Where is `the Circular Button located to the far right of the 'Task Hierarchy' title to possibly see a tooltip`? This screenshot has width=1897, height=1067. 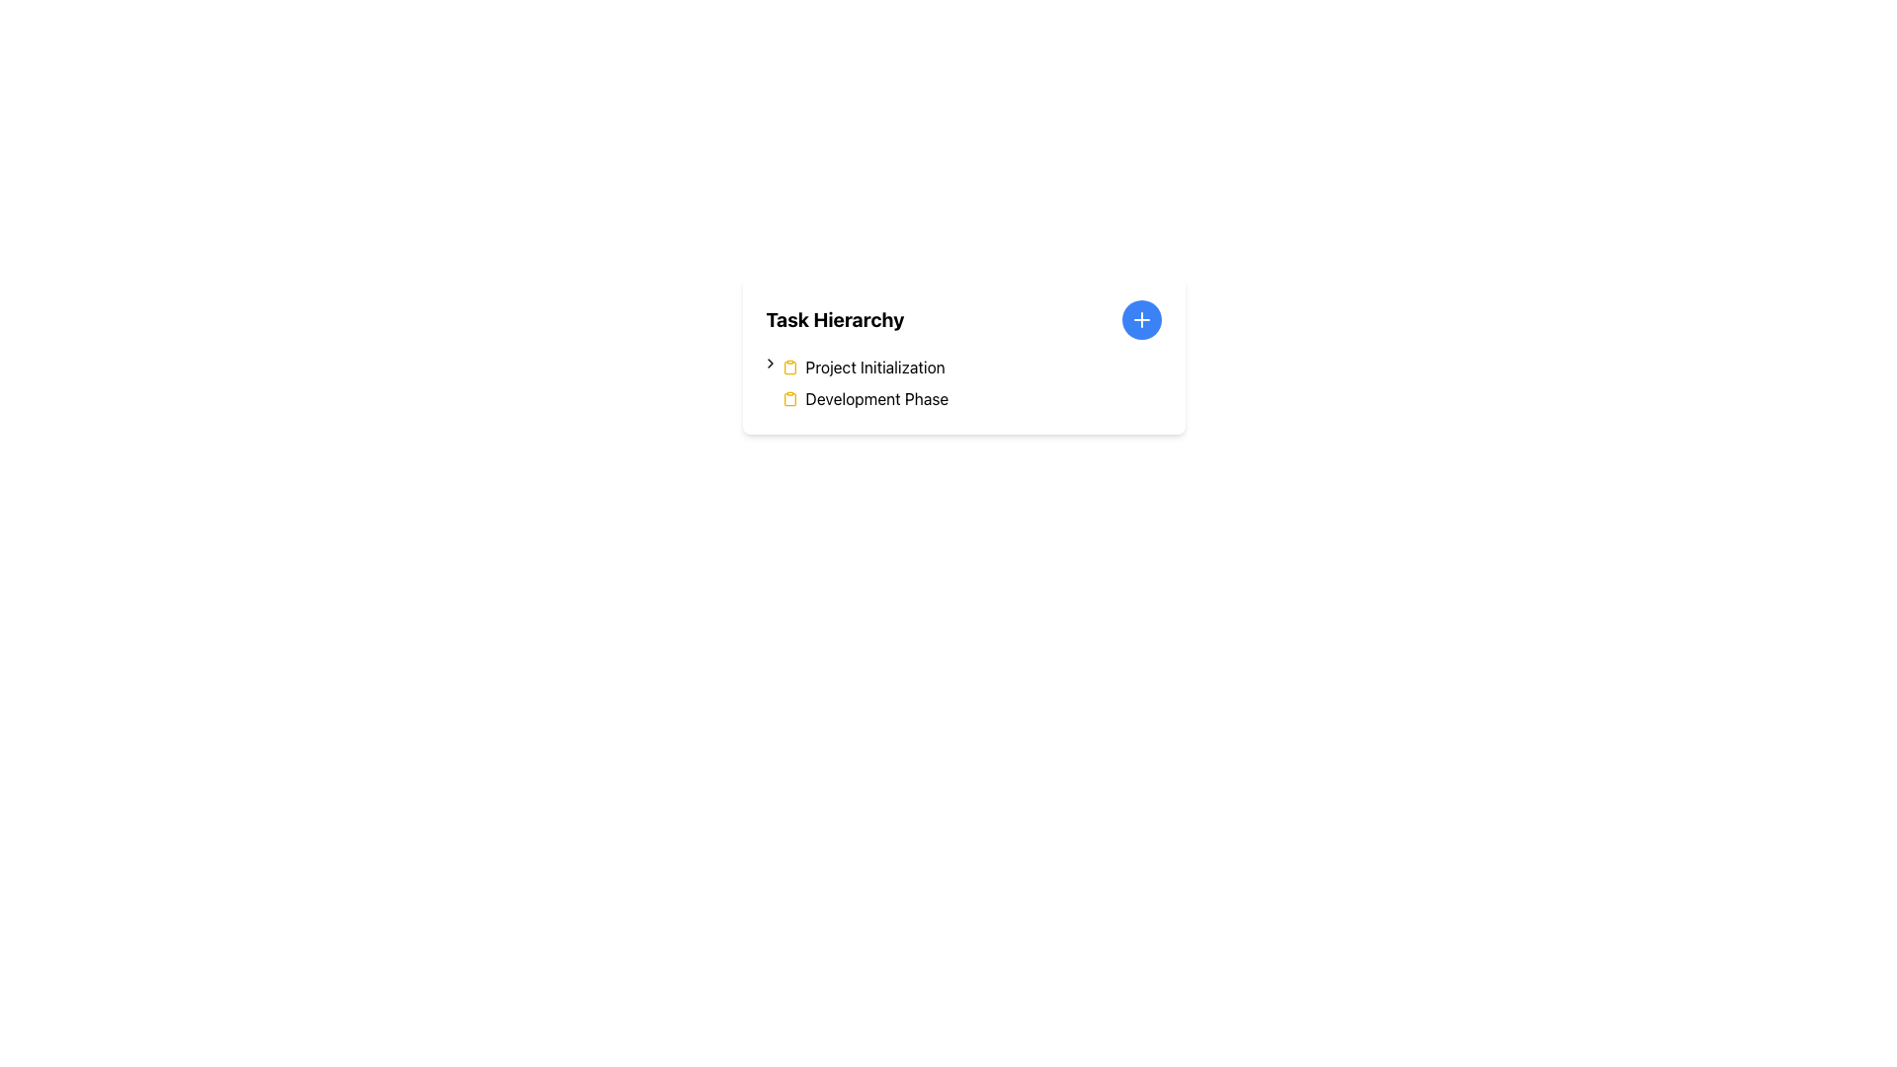
the Circular Button located to the far right of the 'Task Hierarchy' title to possibly see a tooltip is located at coordinates (1141, 319).